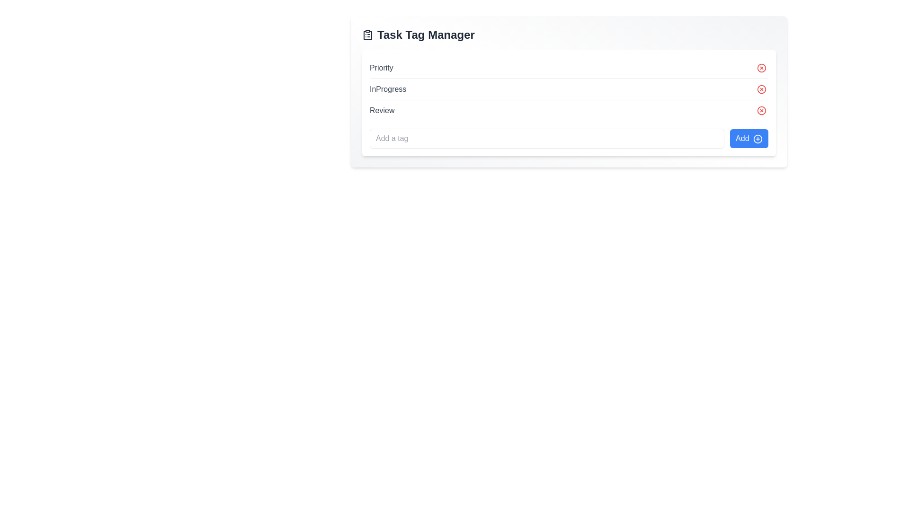  Describe the element at coordinates (425, 34) in the screenshot. I see `the bold heading with the text 'Task Tag Manager', which is styled with a large font size and positioned near the top of the interface, next to a clipboard icon` at that location.